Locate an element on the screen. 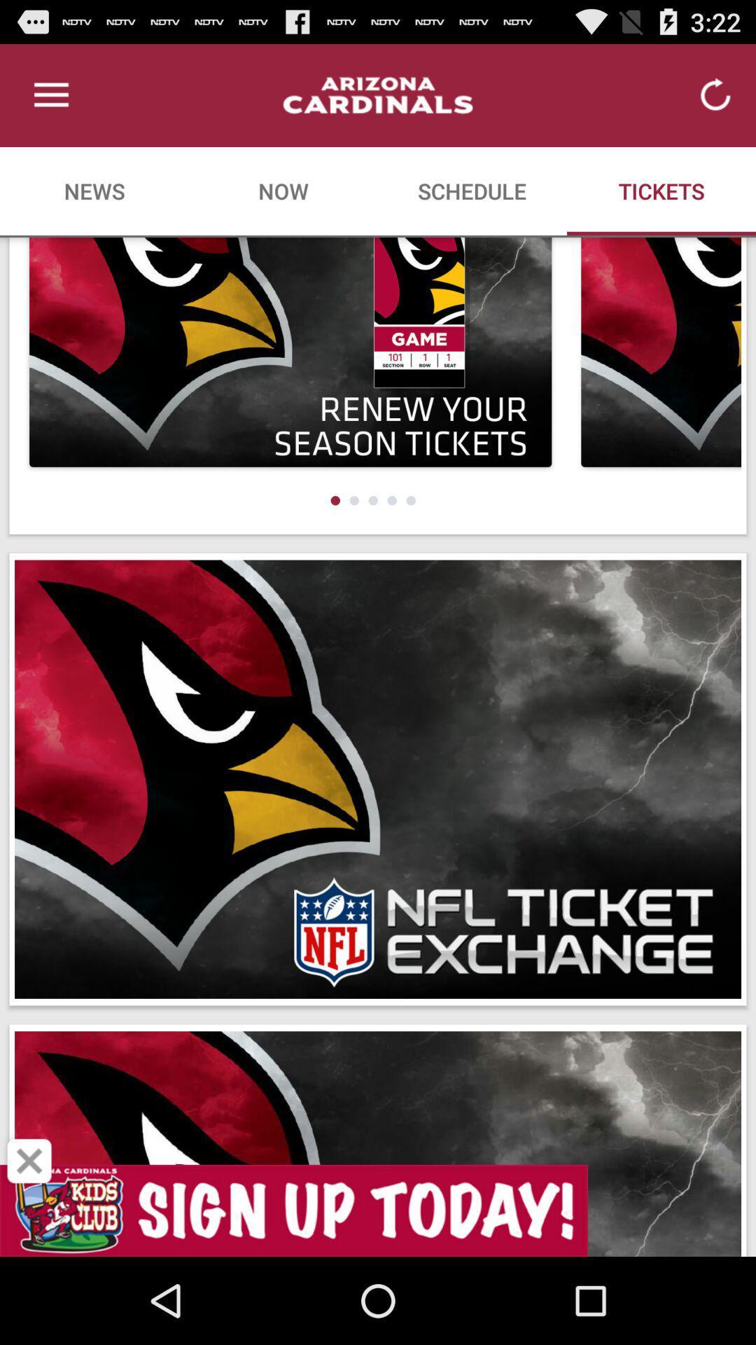  close is located at coordinates (29, 1161).